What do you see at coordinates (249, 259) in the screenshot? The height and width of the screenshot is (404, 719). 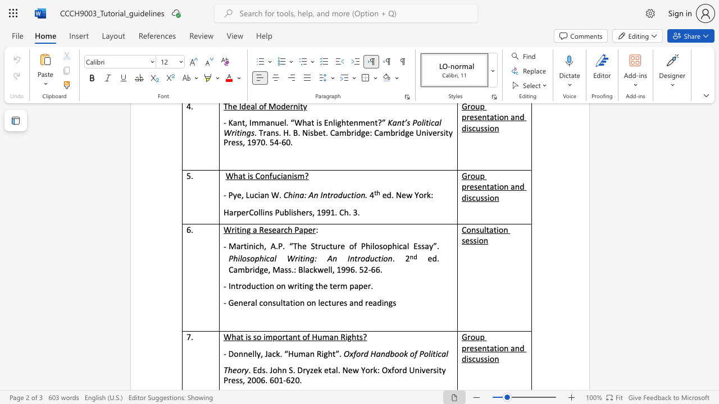 I see `the subset text "ophical Writing: An I" within the text "Philosophical Writing: An Introduction"` at bounding box center [249, 259].